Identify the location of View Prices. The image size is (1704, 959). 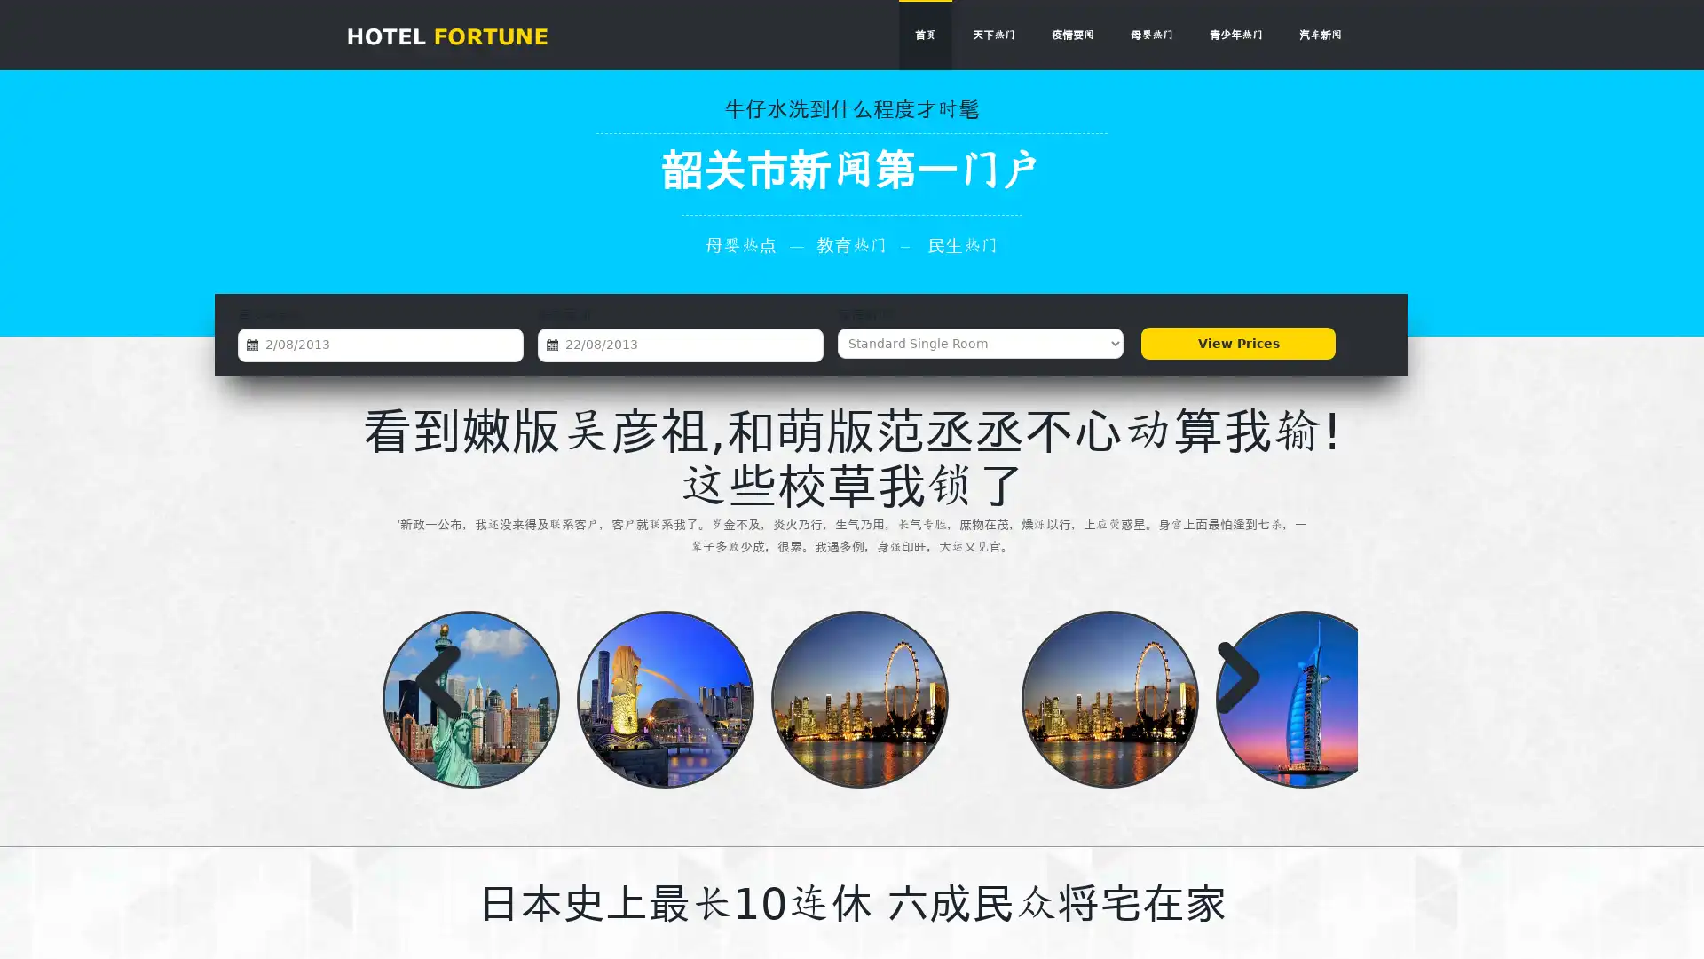
(1237, 343).